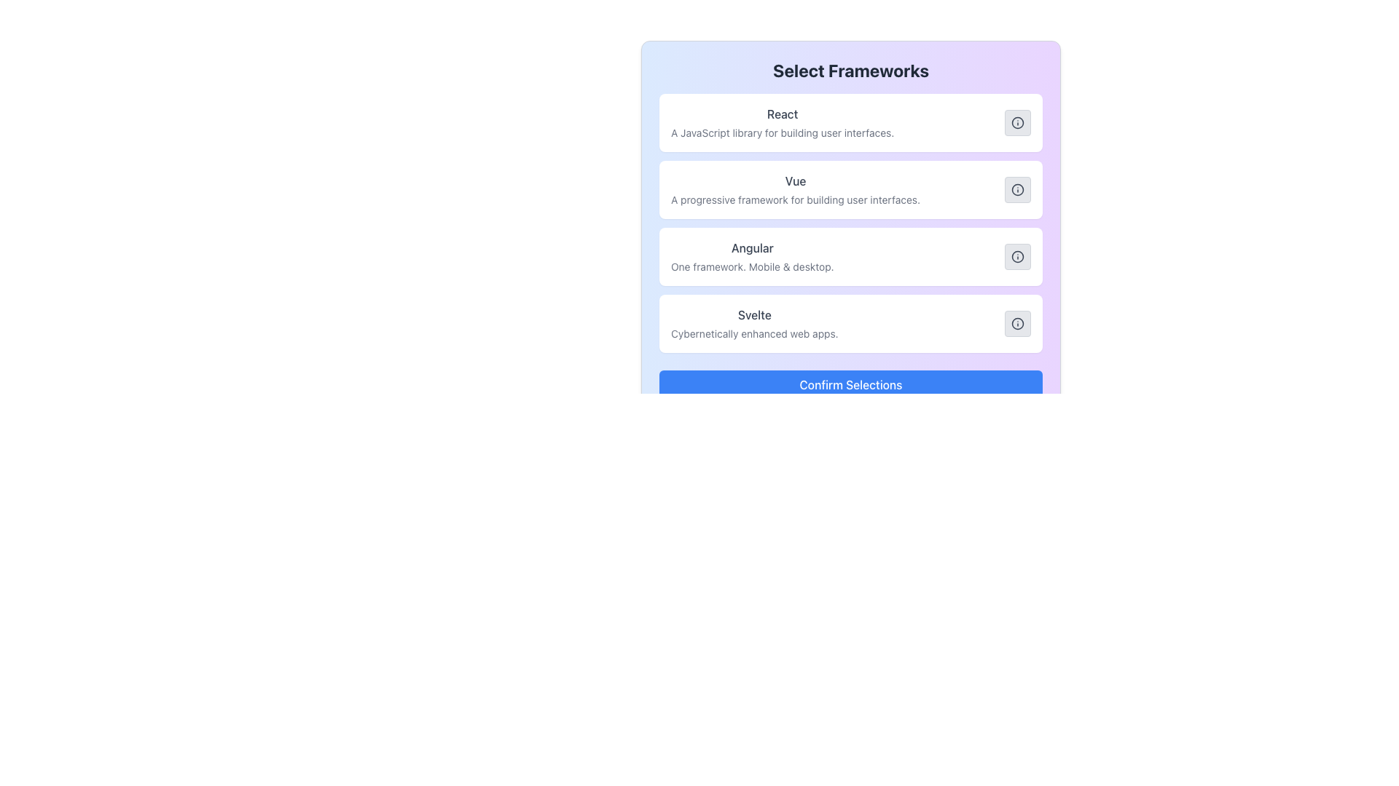  Describe the element at coordinates (752, 256) in the screenshot. I see `the Text Display Block that contains the bold title 'Angular' and the subtitle 'One framework. Mobile & desktop.', which is the third item in the vertical list of framework options` at that location.